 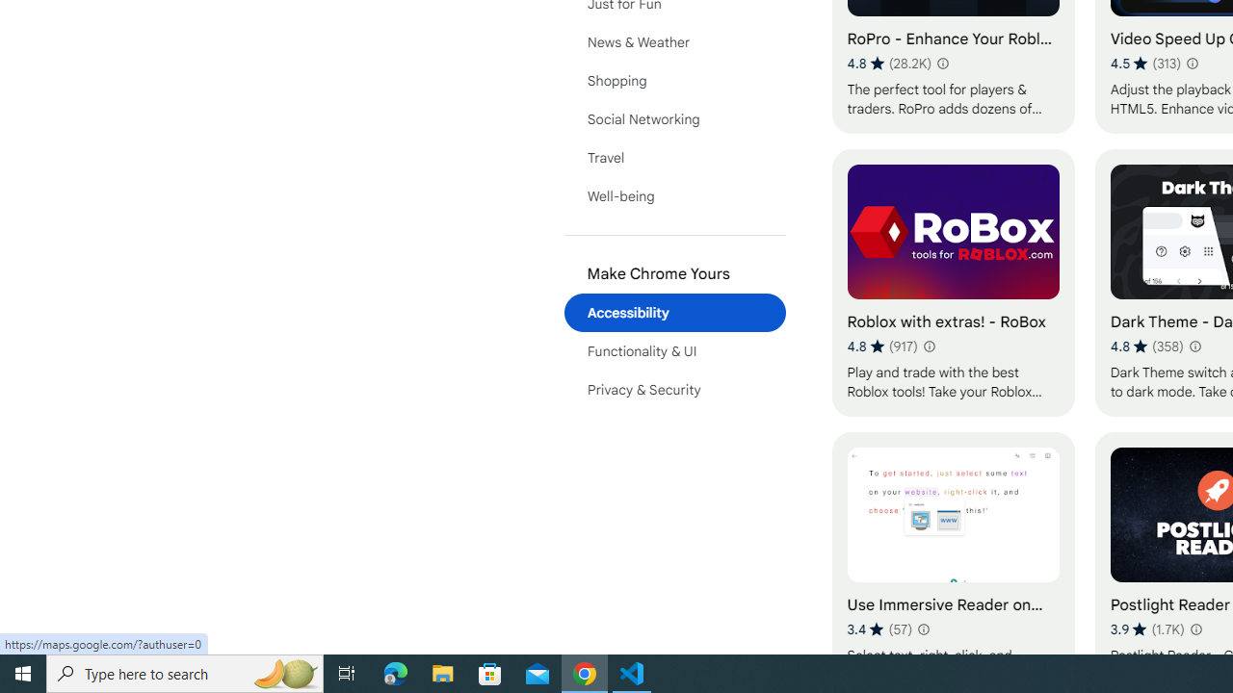 What do you see at coordinates (1194, 629) in the screenshot?
I see `'Learn more about results and reviews "Postlight Reader"'` at bounding box center [1194, 629].